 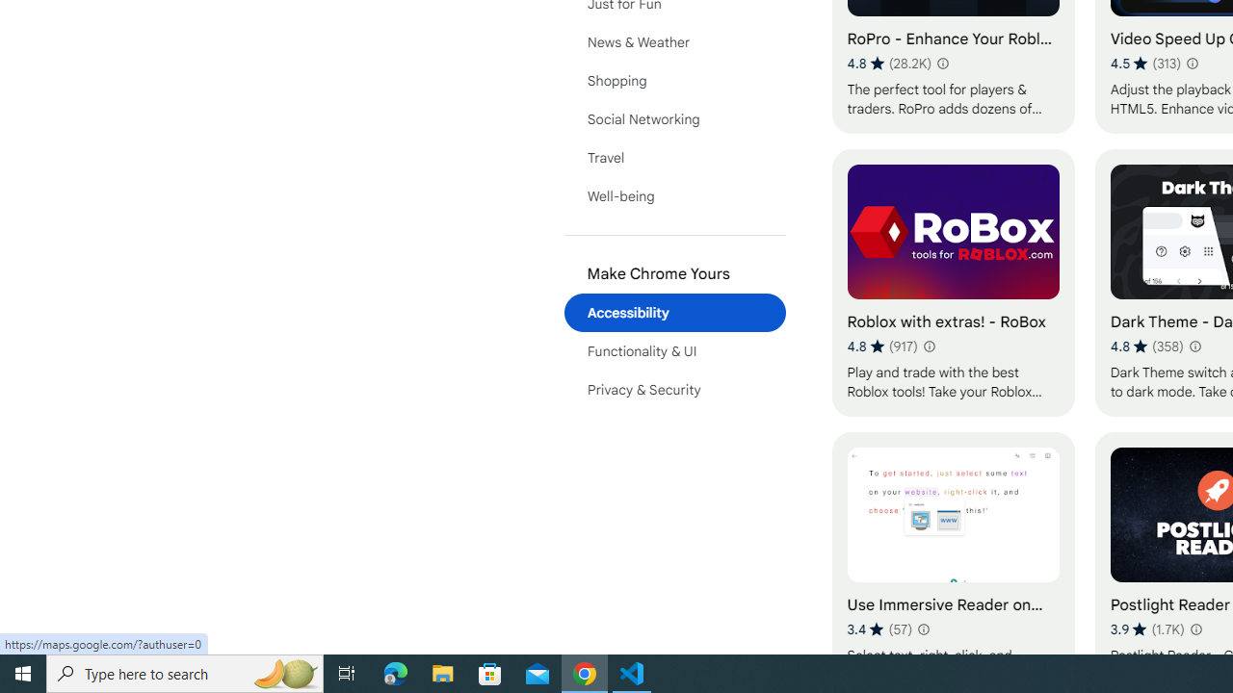 What do you see at coordinates (1194, 629) in the screenshot?
I see `'Learn more about results and reviews "Postlight Reader"'` at bounding box center [1194, 629].